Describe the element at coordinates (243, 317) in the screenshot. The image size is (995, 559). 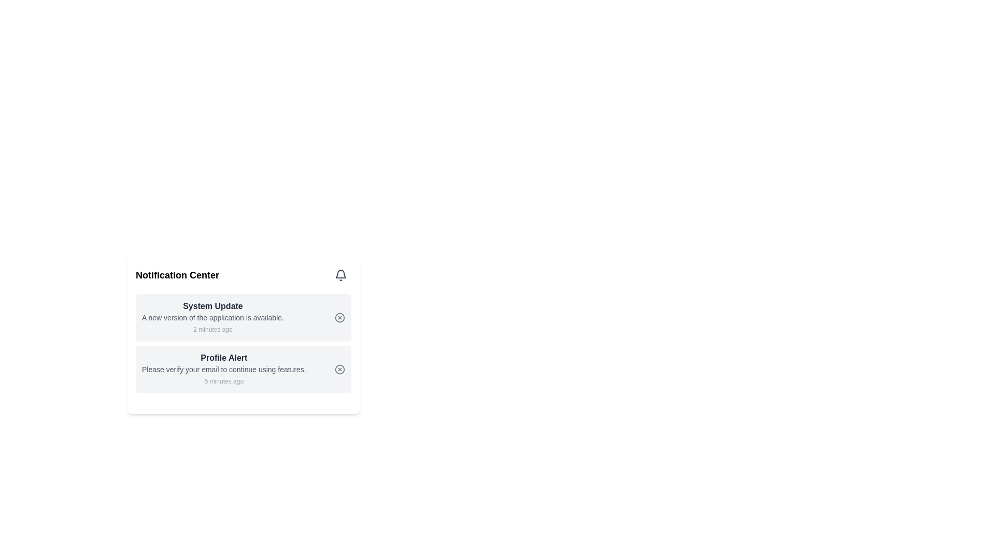
I see `the first notification card in the Notification Center that indicates a new application version` at that location.